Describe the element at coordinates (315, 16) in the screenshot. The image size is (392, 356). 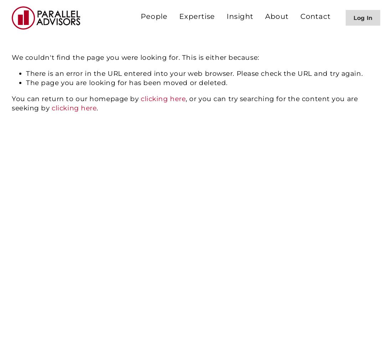
I see `'Contact'` at that location.